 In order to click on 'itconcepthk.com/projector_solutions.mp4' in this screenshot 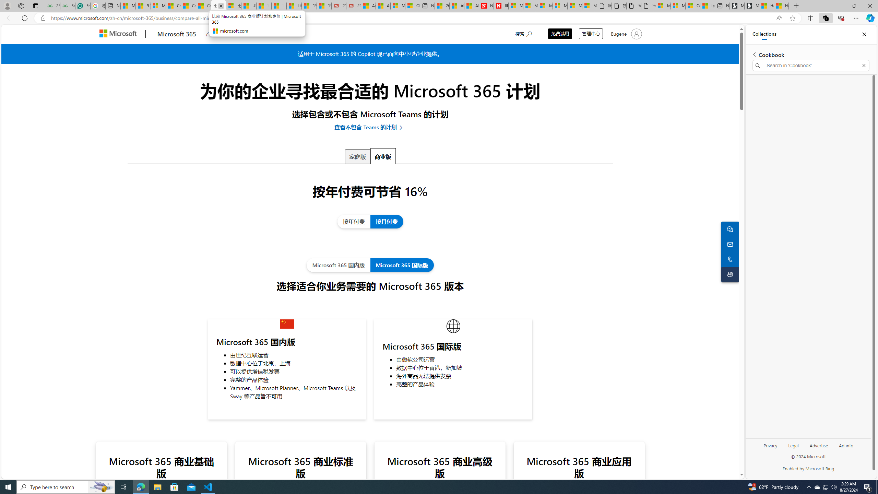, I will do `click(648, 5)`.